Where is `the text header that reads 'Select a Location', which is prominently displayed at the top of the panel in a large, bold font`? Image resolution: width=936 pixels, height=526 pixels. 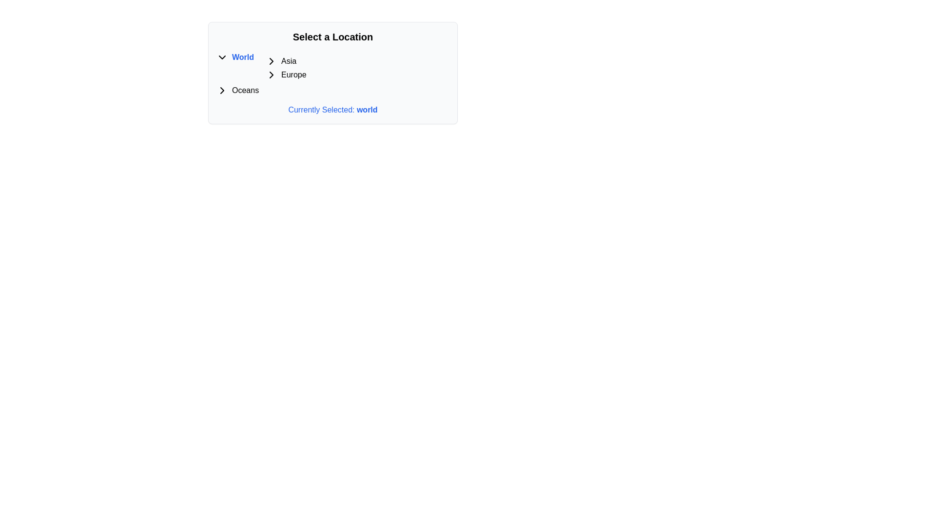
the text header that reads 'Select a Location', which is prominently displayed at the top of the panel in a large, bold font is located at coordinates (332, 37).